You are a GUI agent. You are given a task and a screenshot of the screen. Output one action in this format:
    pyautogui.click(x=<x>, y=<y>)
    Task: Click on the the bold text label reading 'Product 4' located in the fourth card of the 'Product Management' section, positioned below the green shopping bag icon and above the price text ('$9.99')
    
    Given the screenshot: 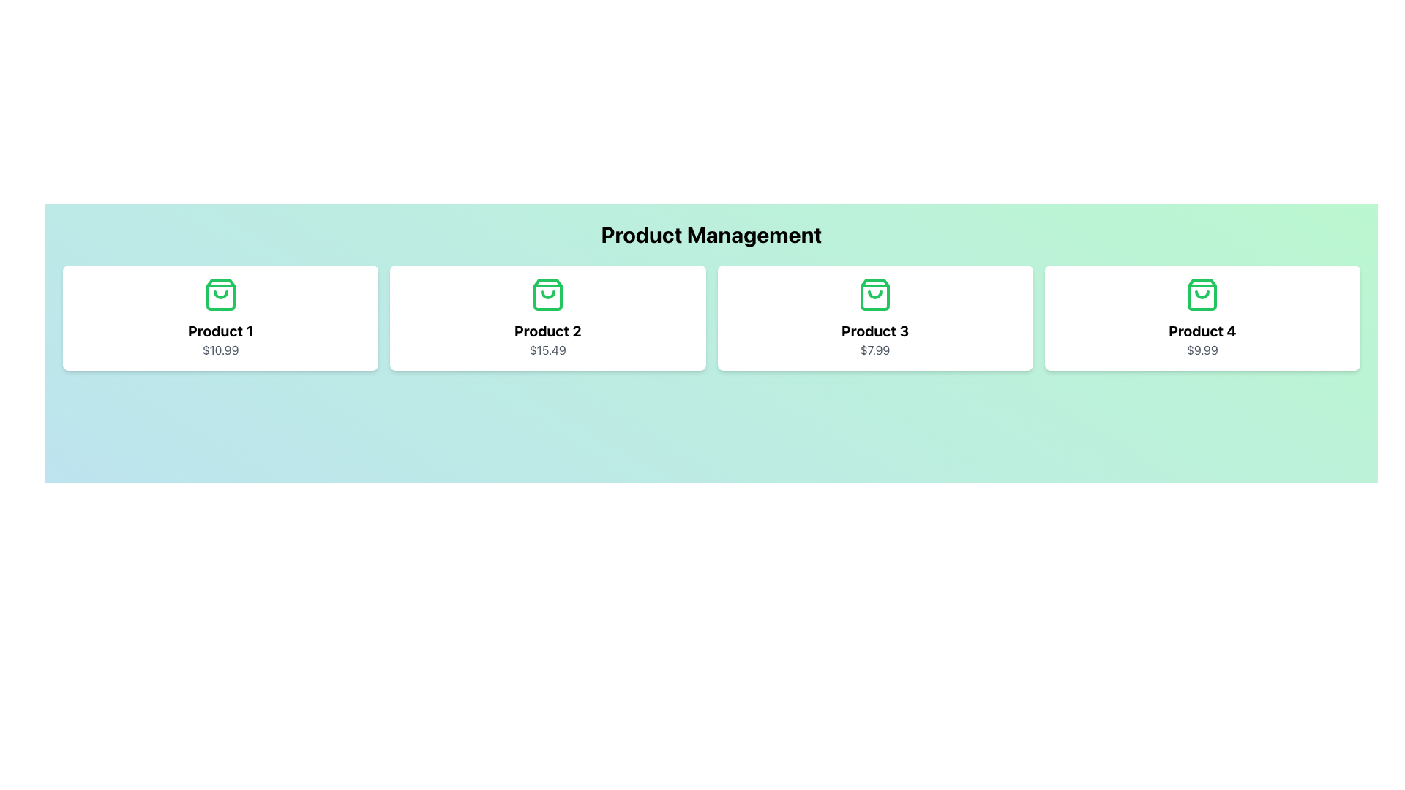 What is the action you would take?
    pyautogui.click(x=1202, y=331)
    